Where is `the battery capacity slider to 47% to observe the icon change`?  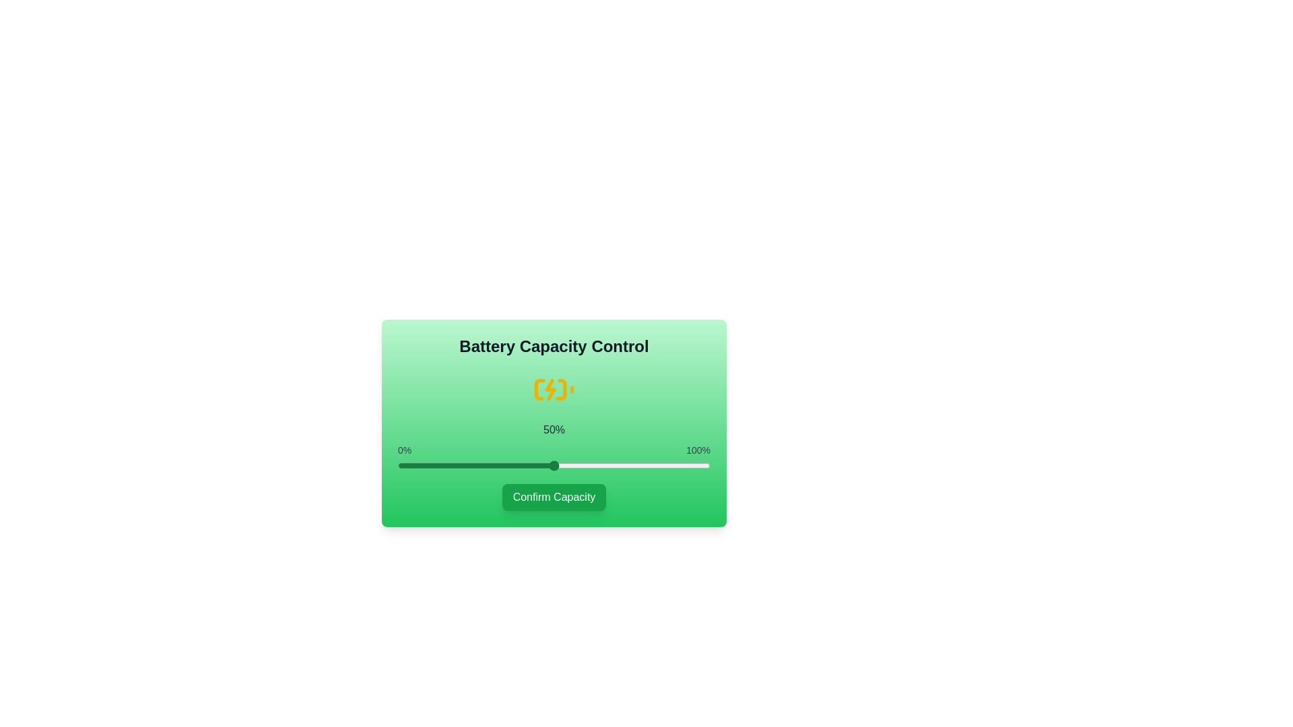 the battery capacity slider to 47% to observe the icon change is located at coordinates (545, 464).